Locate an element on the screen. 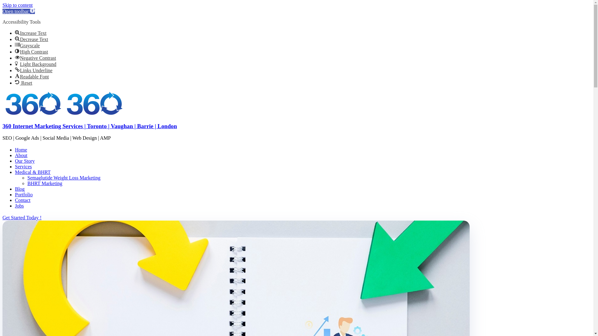 This screenshot has height=336, width=598. 'Increase TextIncrease Text' is located at coordinates (30, 33).